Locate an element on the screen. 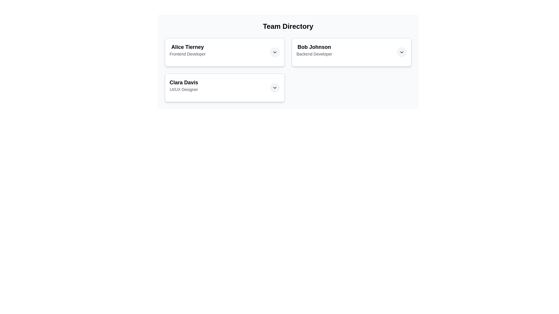 This screenshot has width=559, height=314. the dropdown trigger button located in the top-right corner of the card associated with 'Alice Tierney - Frontend Developer' is located at coordinates (274, 52).